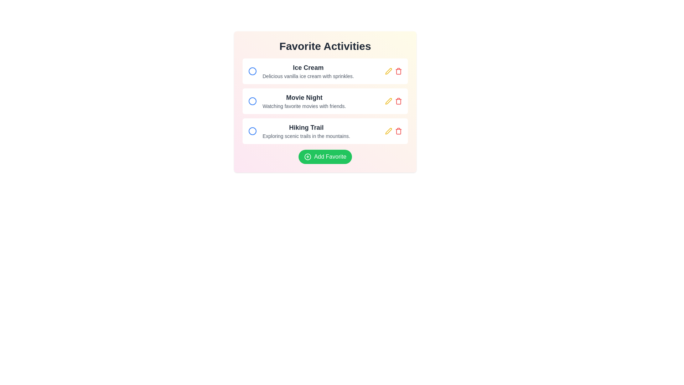 The image size is (684, 385). Describe the element at coordinates (308, 76) in the screenshot. I see `the textual label that reads 'Delicious vanilla ice cream with sprinkles.', which is styled in gray and positioned just below the main title 'Ice Cream'` at that location.